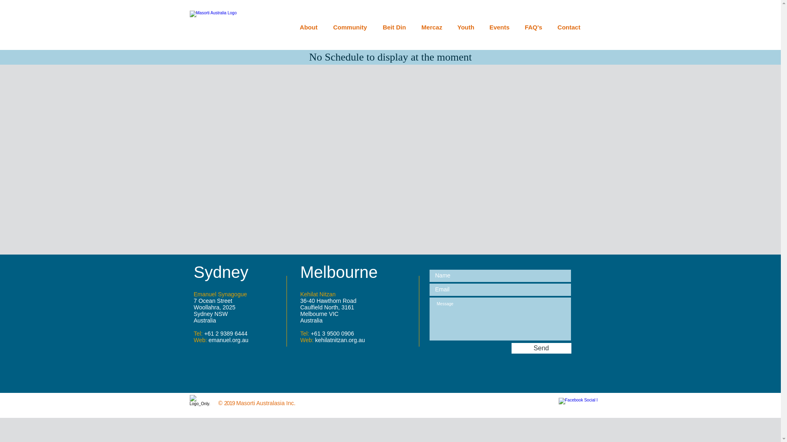 Image resolution: width=787 pixels, height=442 pixels. What do you see at coordinates (228, 26) in the screenshot?
I see `'Masorti Australia Logo'` at bounding box center [228, 26].